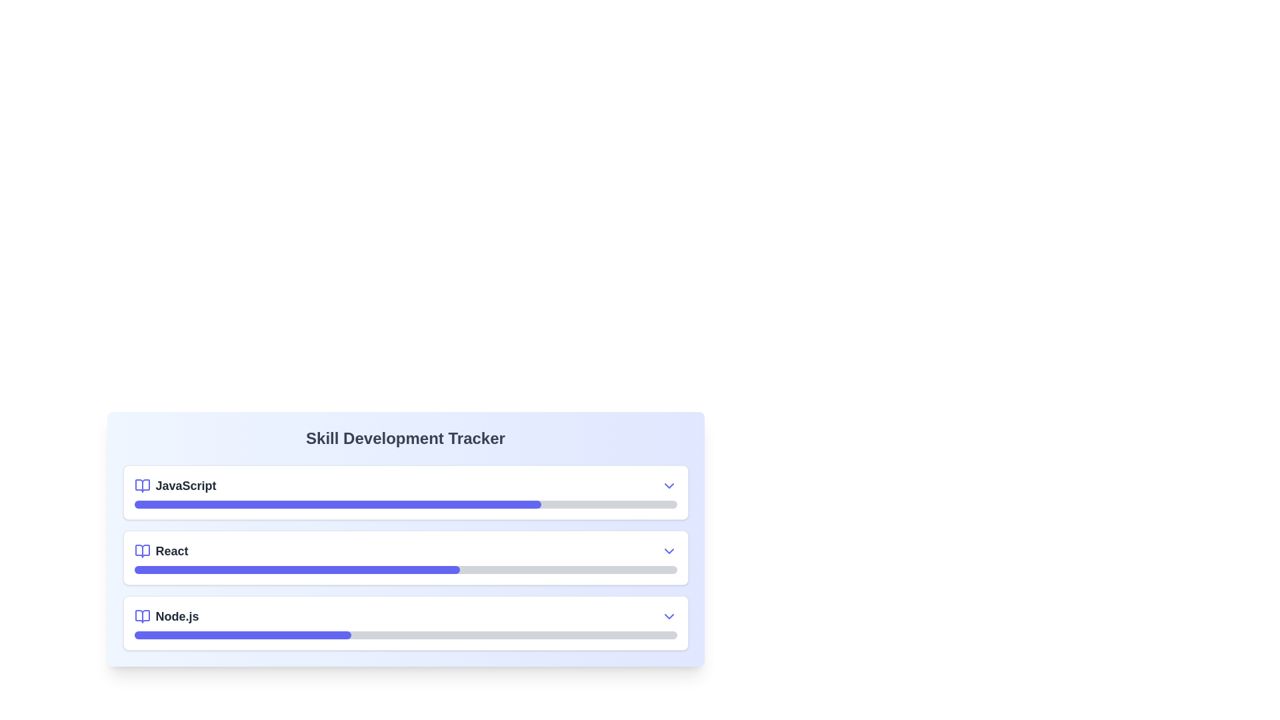 The height and width of the screenshot is (720, 1280). What do you see at coordinates (405, 504) in the screenshot?
I see `the progress bar located below the 'JavaScript' title text in the skill tracker card to update the progress` at bounding box center [405, 504].